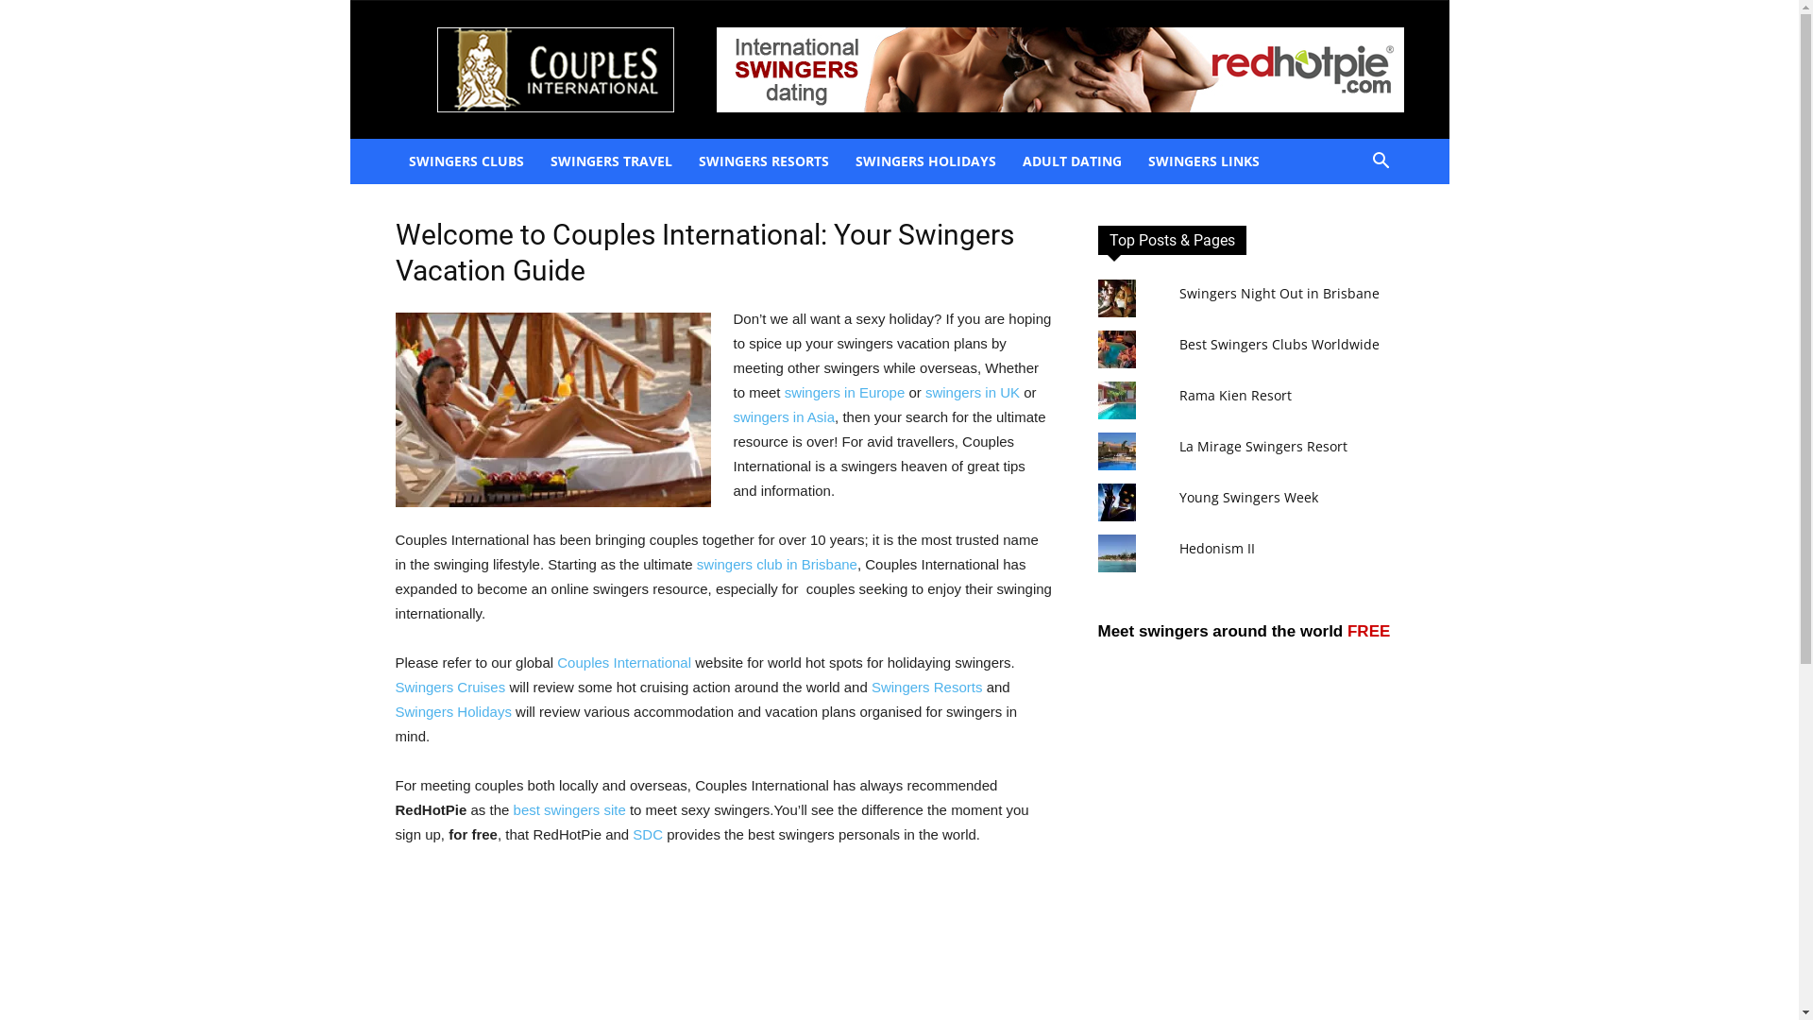  Describe the element at coordinates (1217, 548) in the screenshot. I see `'Hedonism II'` at that location.